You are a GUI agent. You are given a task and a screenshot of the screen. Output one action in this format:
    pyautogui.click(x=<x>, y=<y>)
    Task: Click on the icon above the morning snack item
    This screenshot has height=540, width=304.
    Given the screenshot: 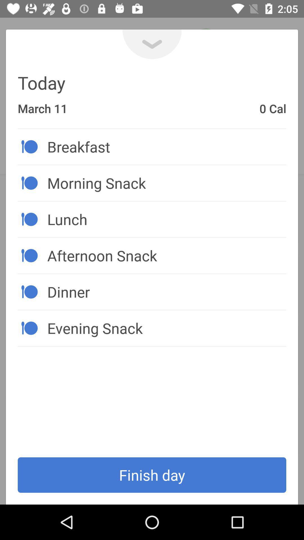 What is the action you would take?
    pyautogui.click(x=166, y=147)
    